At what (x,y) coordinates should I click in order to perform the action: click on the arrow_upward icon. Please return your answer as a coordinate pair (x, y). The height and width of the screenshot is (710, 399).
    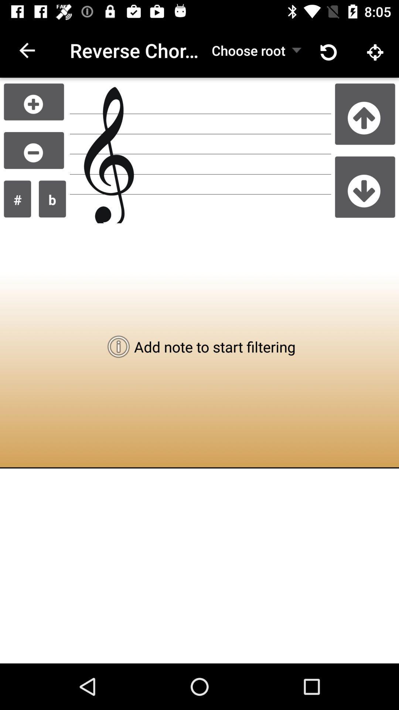
    Looking at the image, I should click on (365, 114).